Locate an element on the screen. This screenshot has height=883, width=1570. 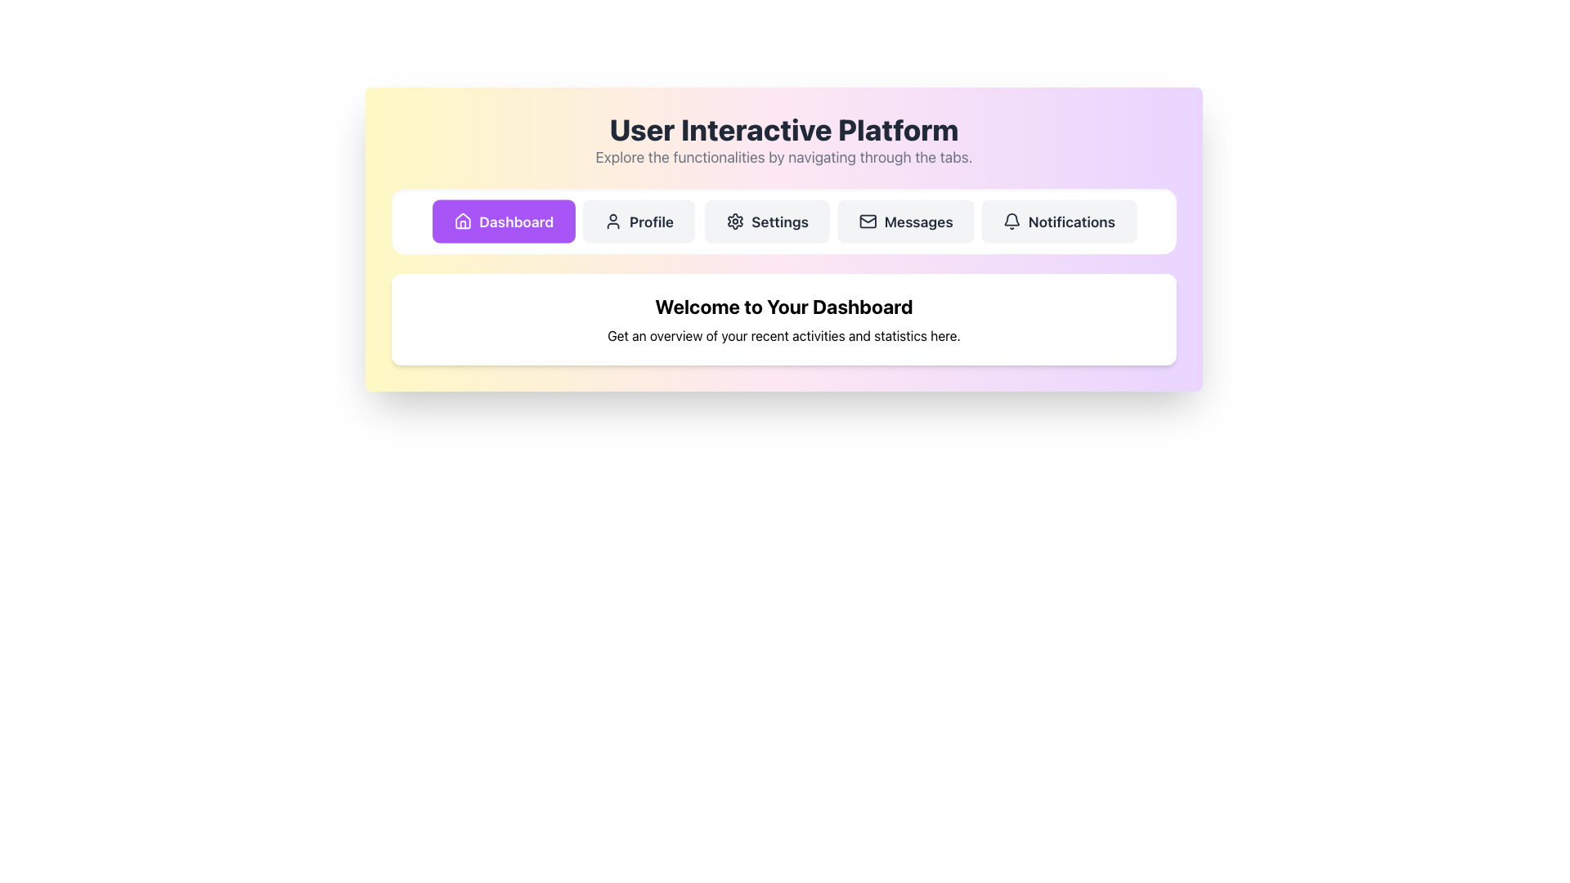
the 'Settings' text label located in the navigation bar, which is the third option from the left between the 'Profile' and 'Messages' buttons is located at coordinates (778, 221).